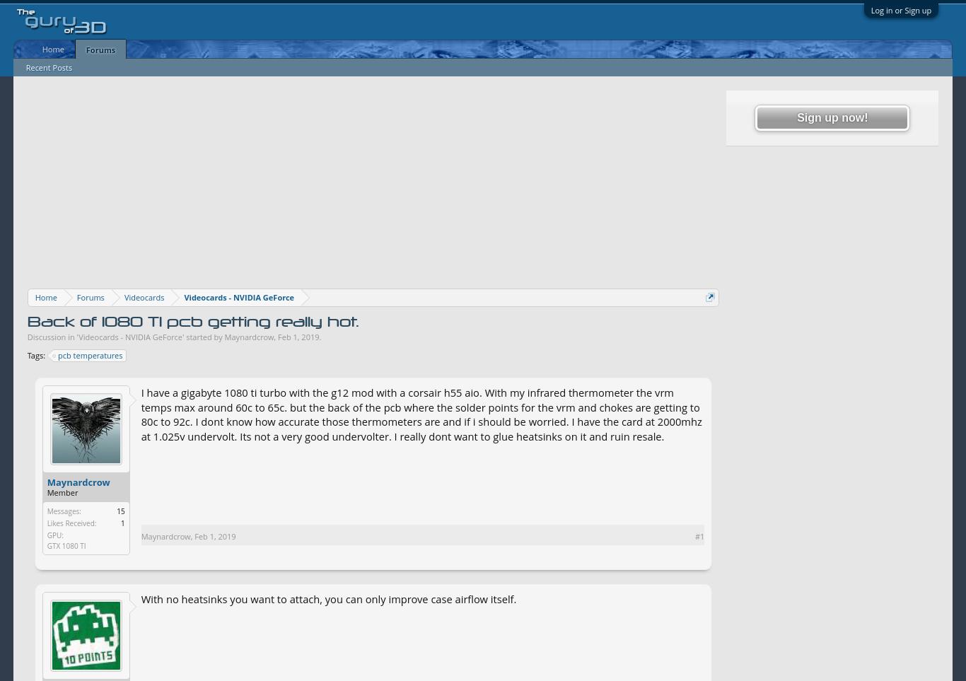 Image resolution: width=966 pixels, height=681 pixels. What do you see at coordinates (202, 335) in the screenshot?
I see `'' started by'` at bounding box center [202, 335].